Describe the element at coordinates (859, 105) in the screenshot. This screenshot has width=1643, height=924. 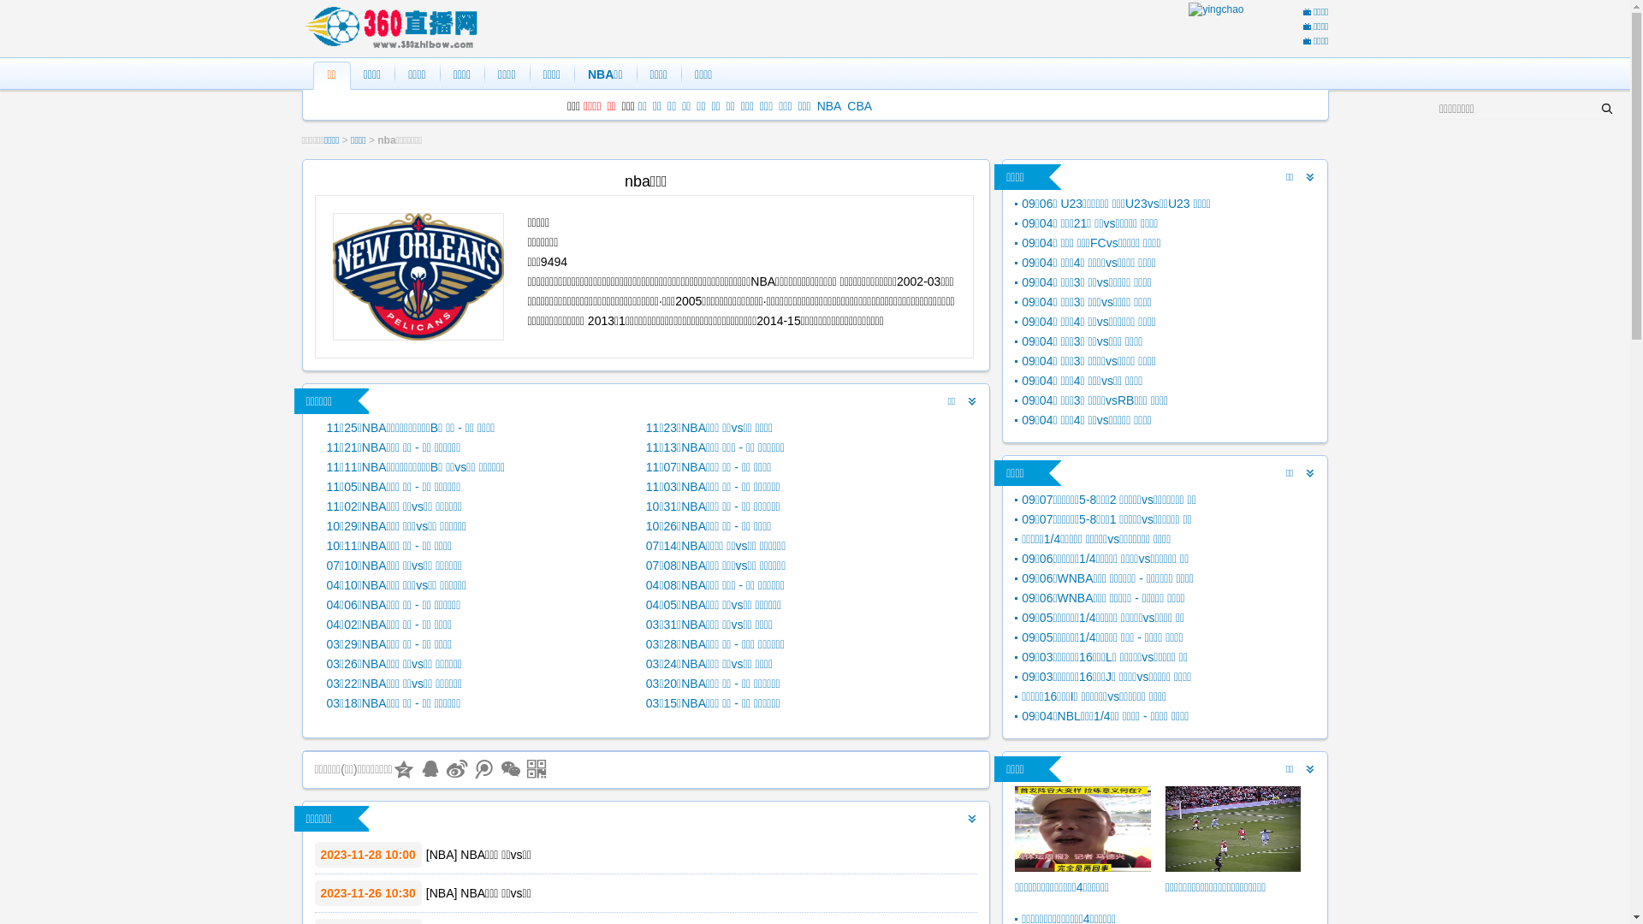
I see `'CBA'` at that location.